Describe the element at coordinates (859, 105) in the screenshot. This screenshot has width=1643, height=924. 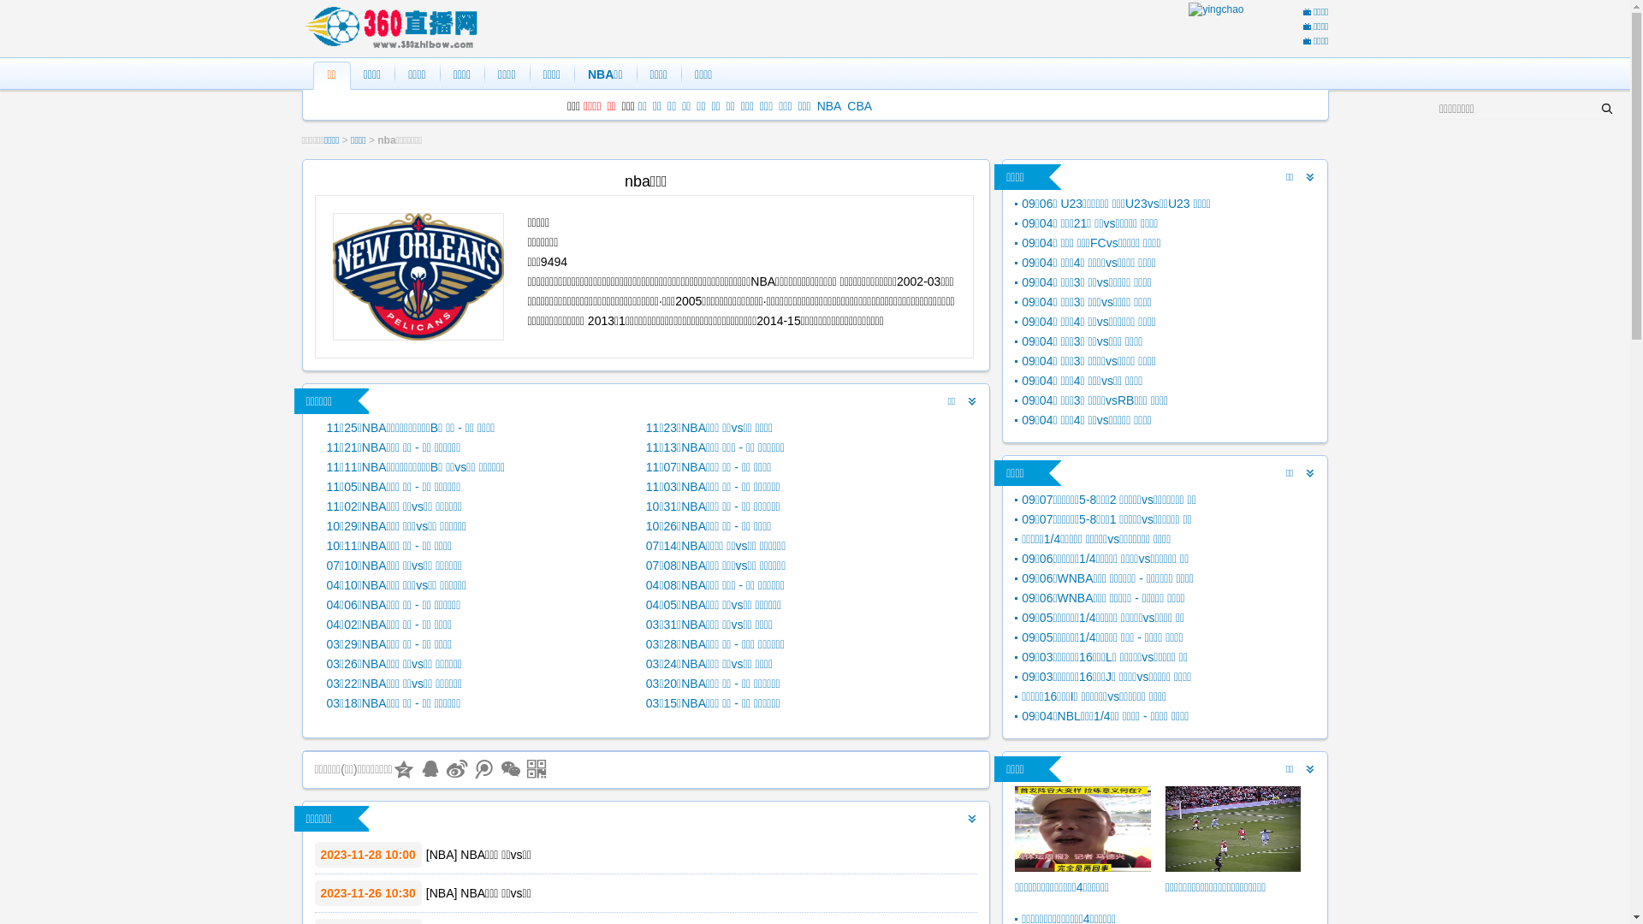
I see `'CBA'` at that location.